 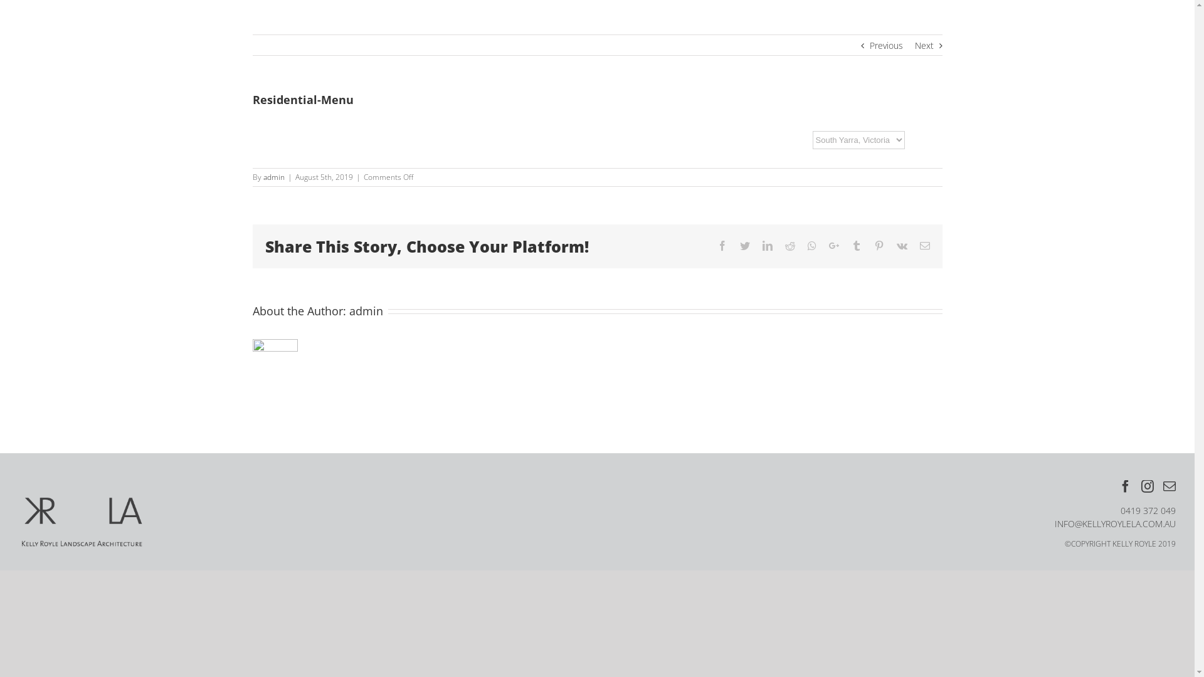 I want to click on 'admin', so click(x=364, y=310).